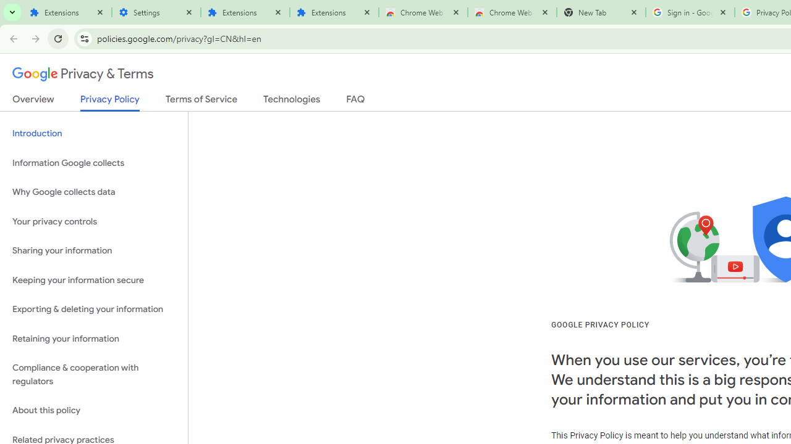  What do you see at coordinates (93, 221) in the screenshot?
I see `'Your privacy controls'` at bounding box center [93, 221].